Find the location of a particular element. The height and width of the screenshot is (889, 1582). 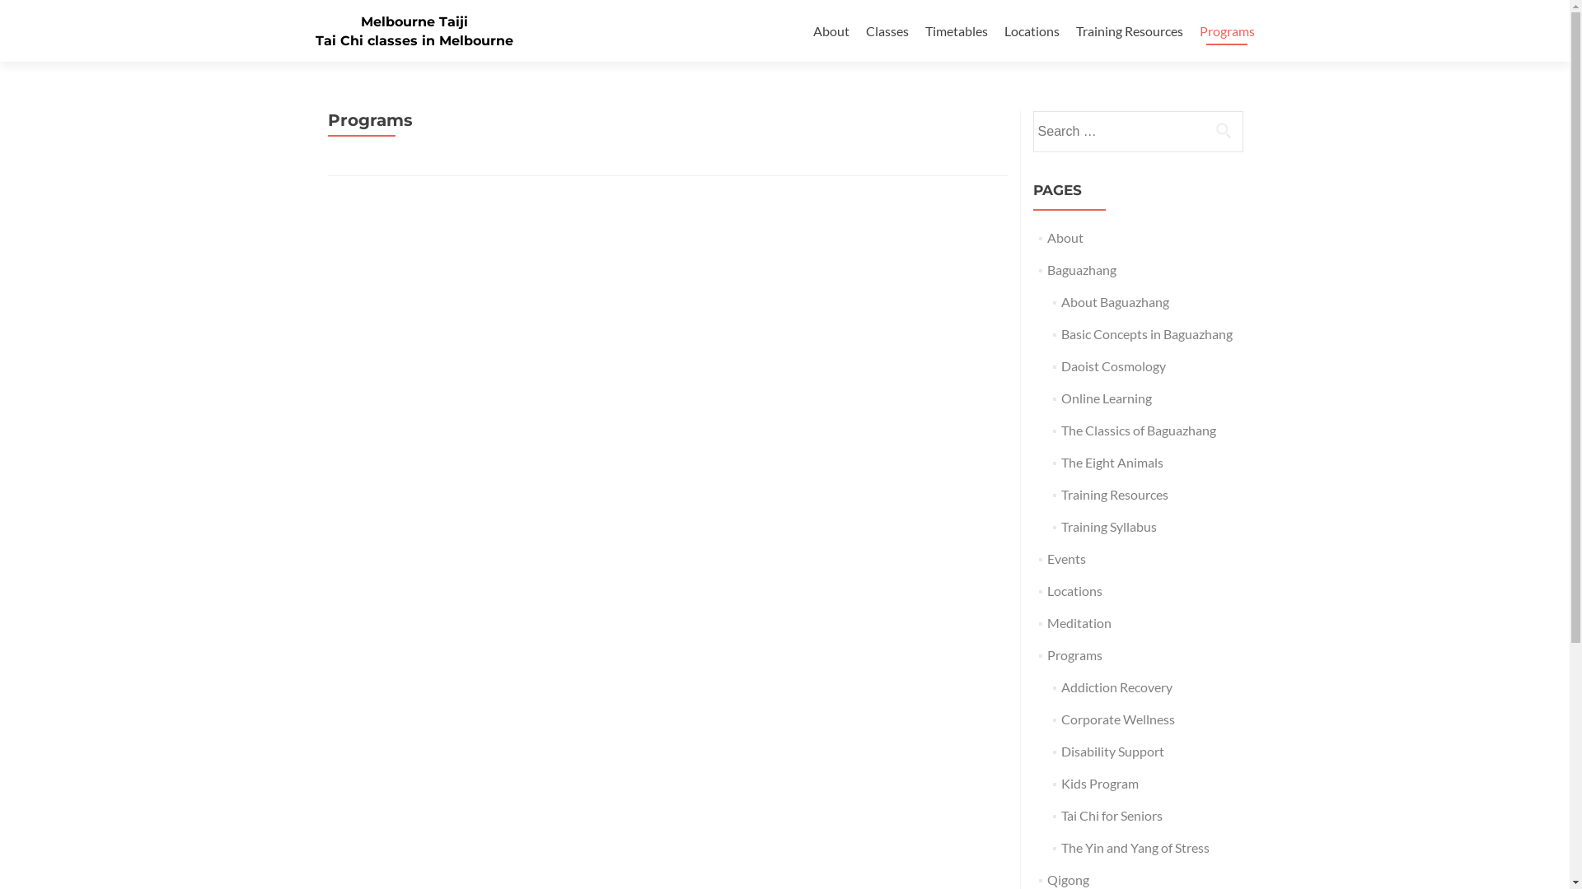

'Timetables' is located at coordinates (956, 30).